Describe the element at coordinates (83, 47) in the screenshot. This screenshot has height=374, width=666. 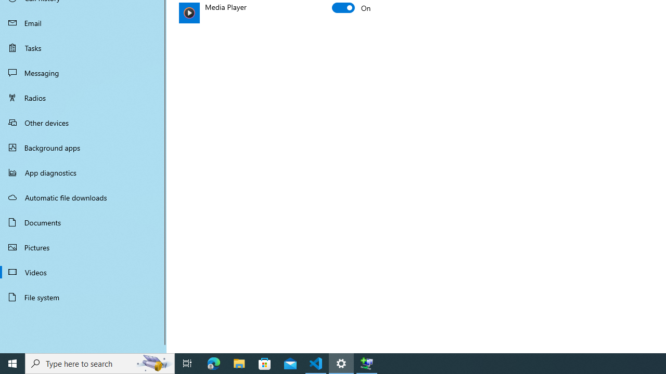
I see `'Tasks'` at that location.